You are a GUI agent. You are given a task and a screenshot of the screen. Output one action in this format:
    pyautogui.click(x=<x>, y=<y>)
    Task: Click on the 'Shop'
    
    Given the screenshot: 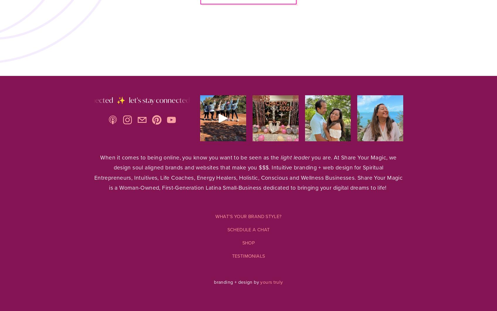 What is the action you would take?
    pyautogui.click(x=248, y=74)
    